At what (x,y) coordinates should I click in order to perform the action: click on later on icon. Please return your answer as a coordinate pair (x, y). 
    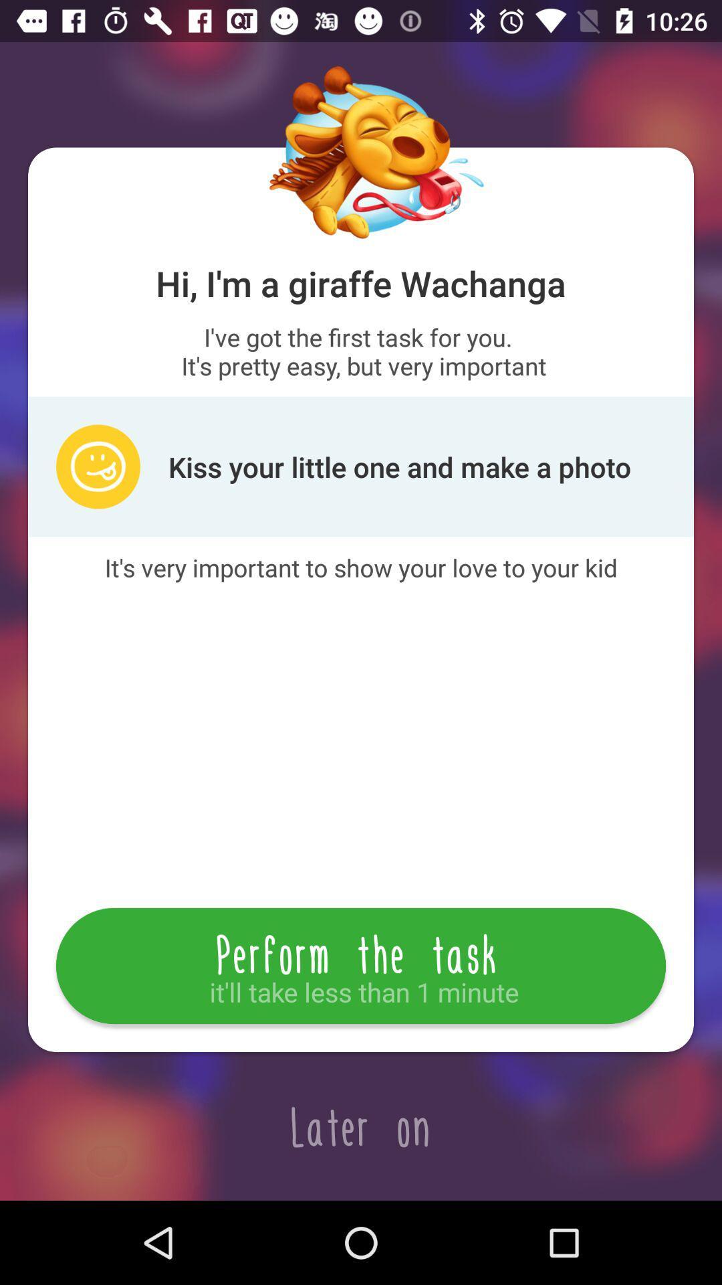
    Looking at the image, I should click on (361, 1126).